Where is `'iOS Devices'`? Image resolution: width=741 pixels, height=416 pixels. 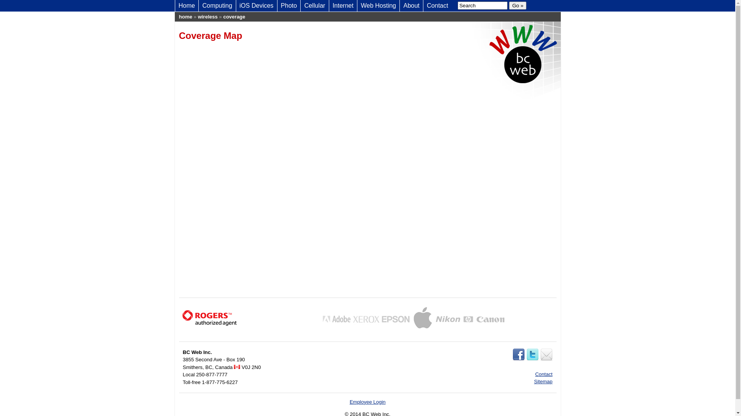 'iOS Devices' is located at coordinates (257, 6).